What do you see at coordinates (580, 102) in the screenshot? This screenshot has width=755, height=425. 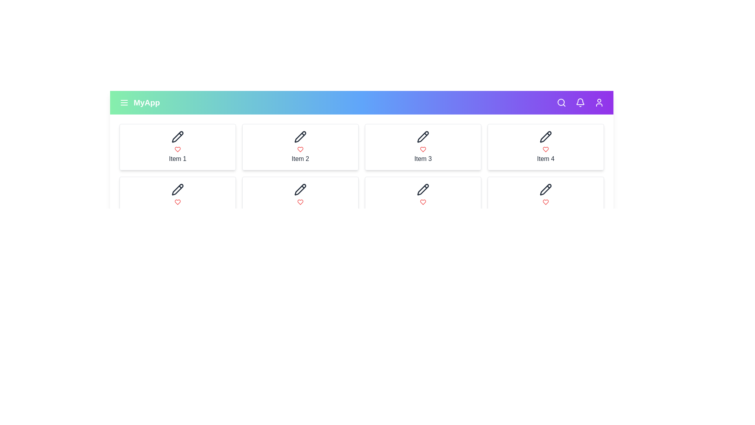 I see `the notification bell icon to view notifications` at bounding box center [580, 102].